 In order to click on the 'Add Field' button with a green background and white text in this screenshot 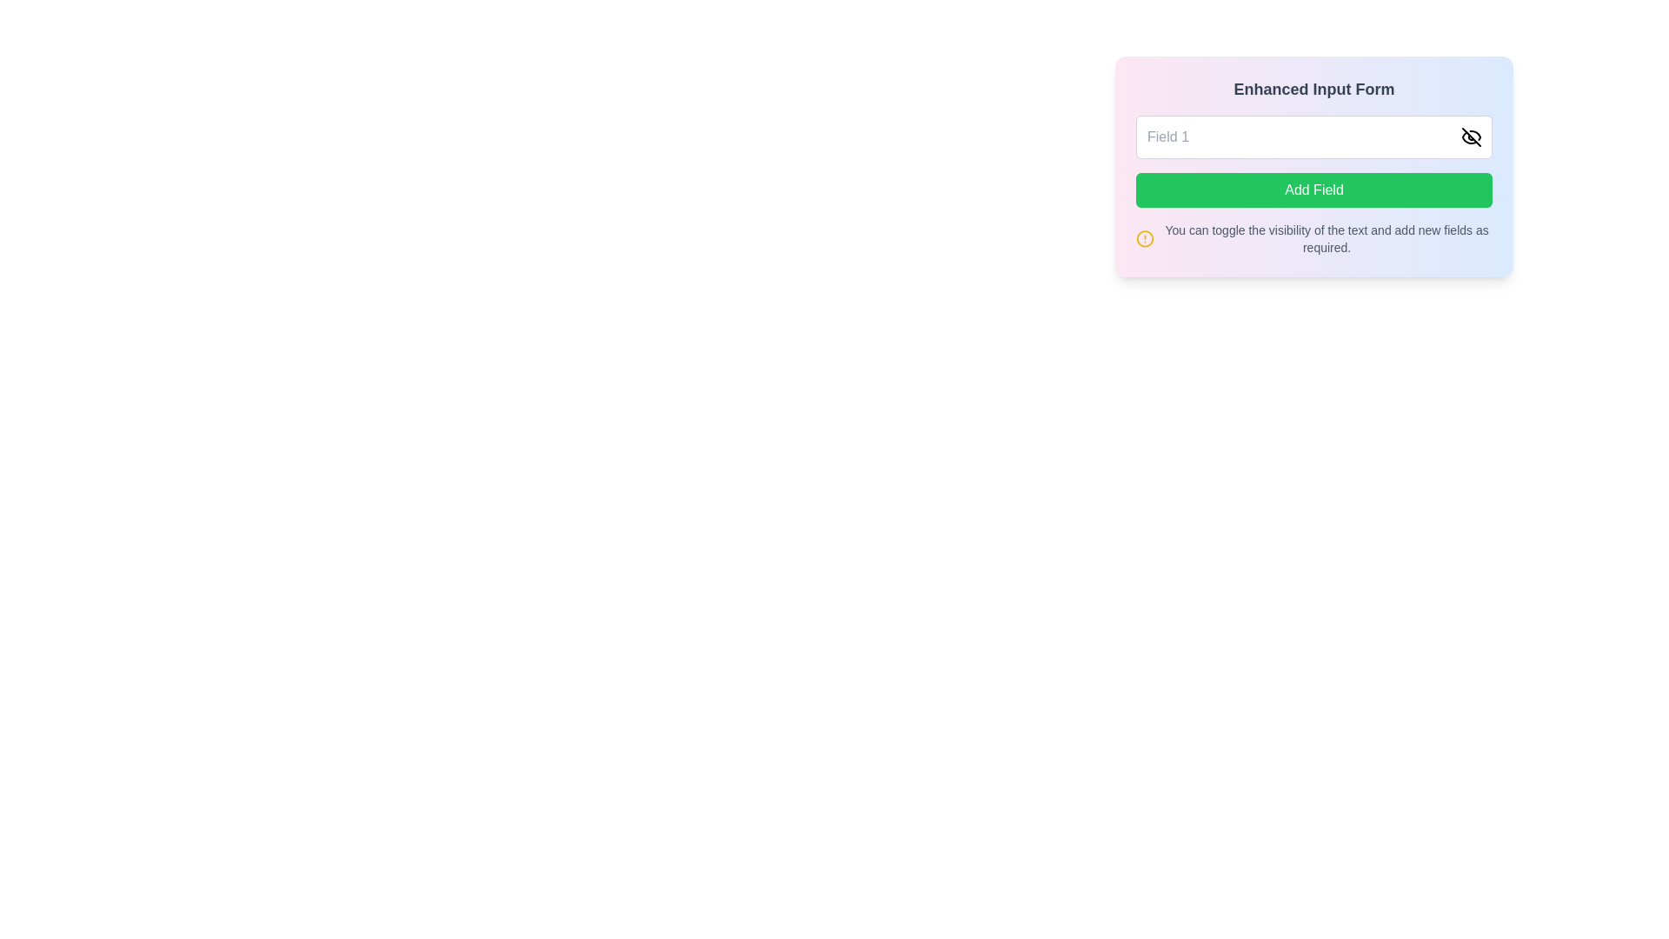, I will do `click(1314, 190)`.